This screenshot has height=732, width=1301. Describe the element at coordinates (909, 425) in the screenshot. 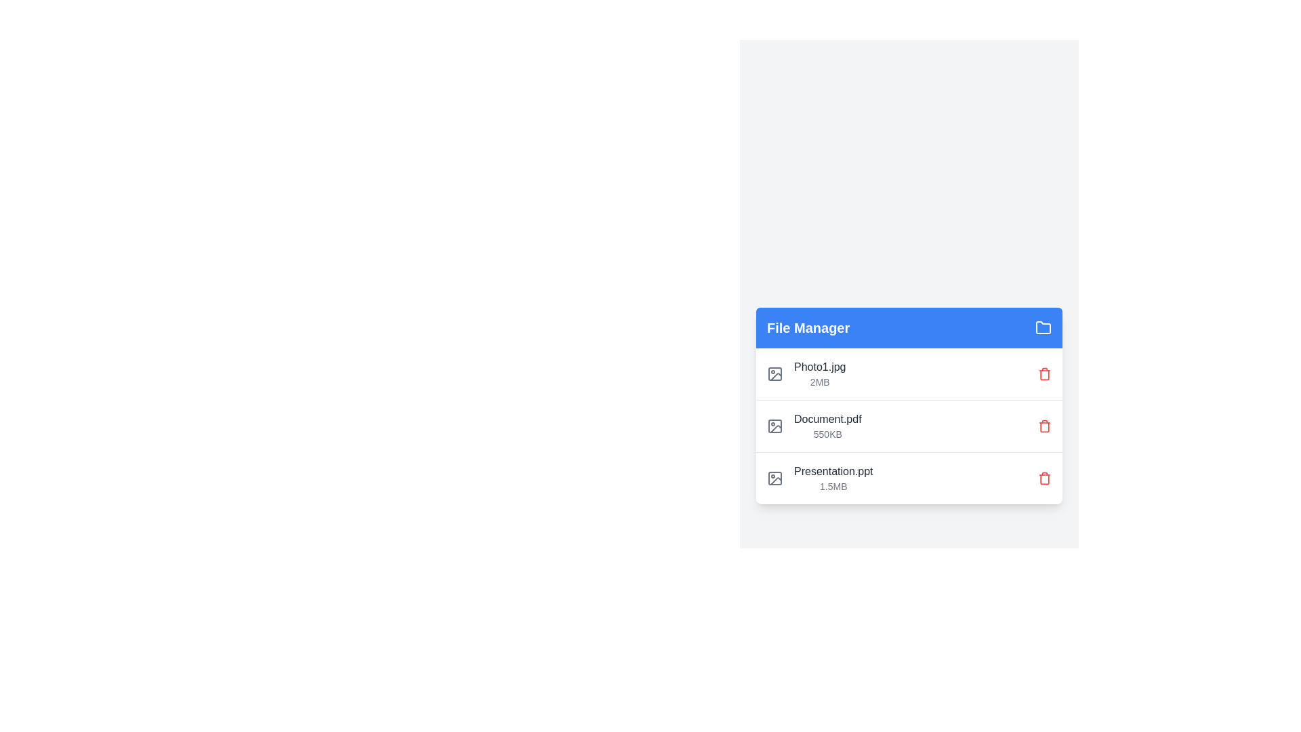

I see `the list item displaying 'Document.pdf' in the 'File Manager' UI` at that location.